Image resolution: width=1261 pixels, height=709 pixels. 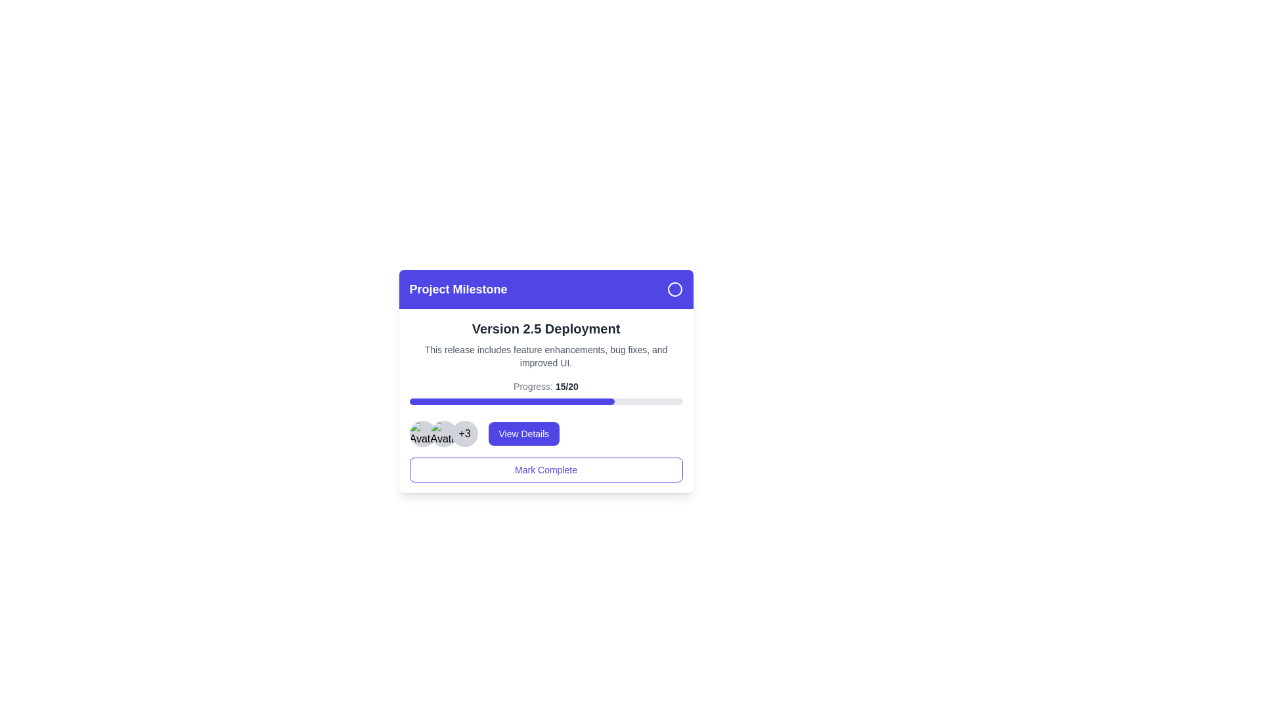 What do you see at coordinates (546, 433) in the screenshot?
I see `the button located below the progress bar and above the 'Mark Complete' button` at bounding box center [546, 433].